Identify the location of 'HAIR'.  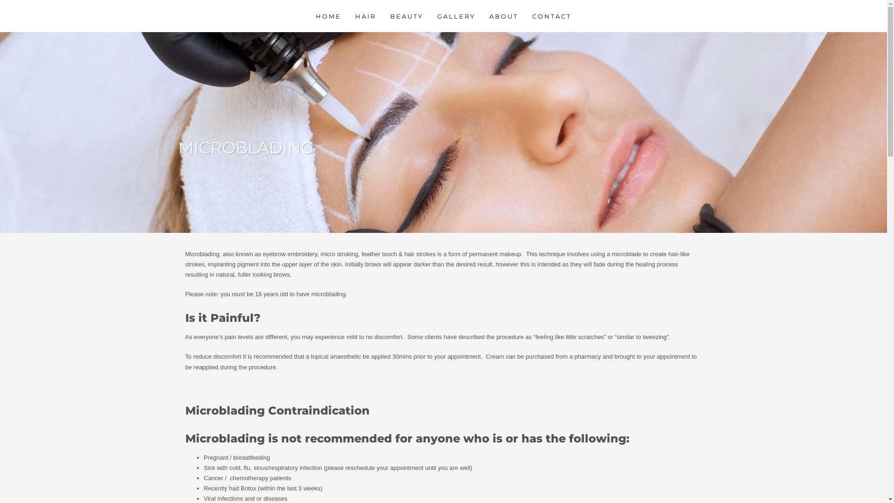
(365, 16).